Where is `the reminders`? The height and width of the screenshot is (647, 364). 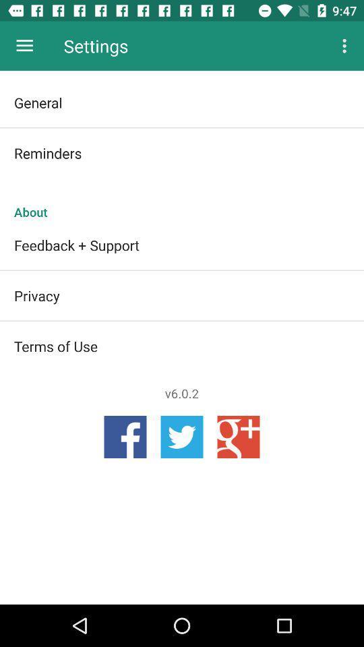
the reminders is located at coordinates (182, 153).